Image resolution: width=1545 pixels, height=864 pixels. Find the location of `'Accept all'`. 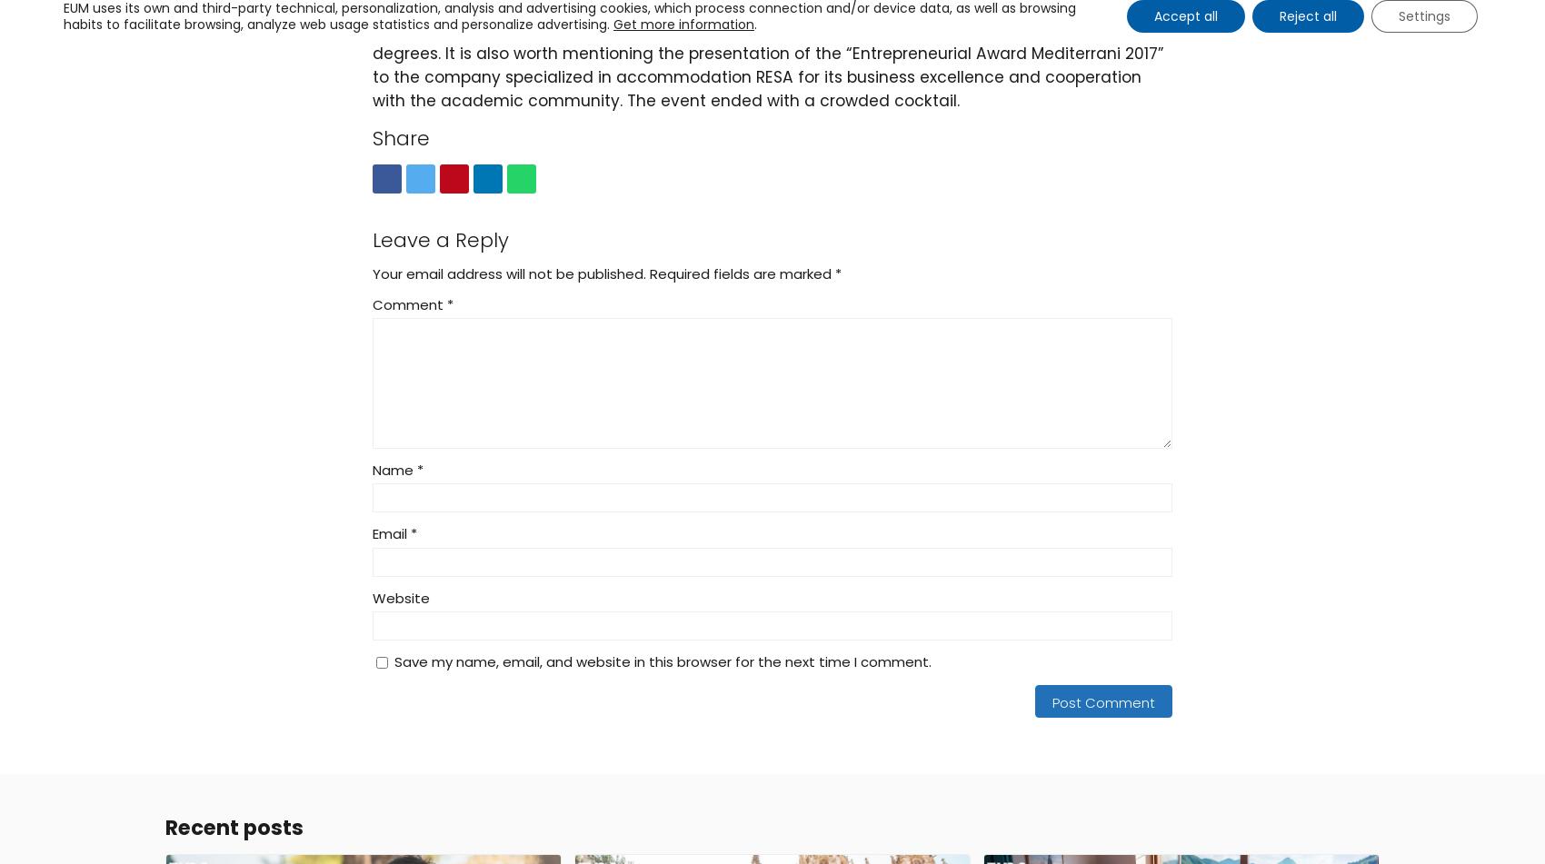

'Accept all' is located at coordinates (1185, 15).